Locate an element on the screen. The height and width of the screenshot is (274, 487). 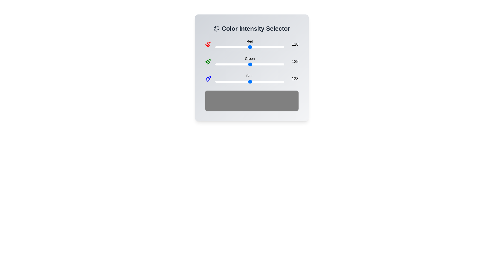
the red icon located to the left of the 'Red' label, which indicates the slider's functionality is located at coordinates (208, 44).